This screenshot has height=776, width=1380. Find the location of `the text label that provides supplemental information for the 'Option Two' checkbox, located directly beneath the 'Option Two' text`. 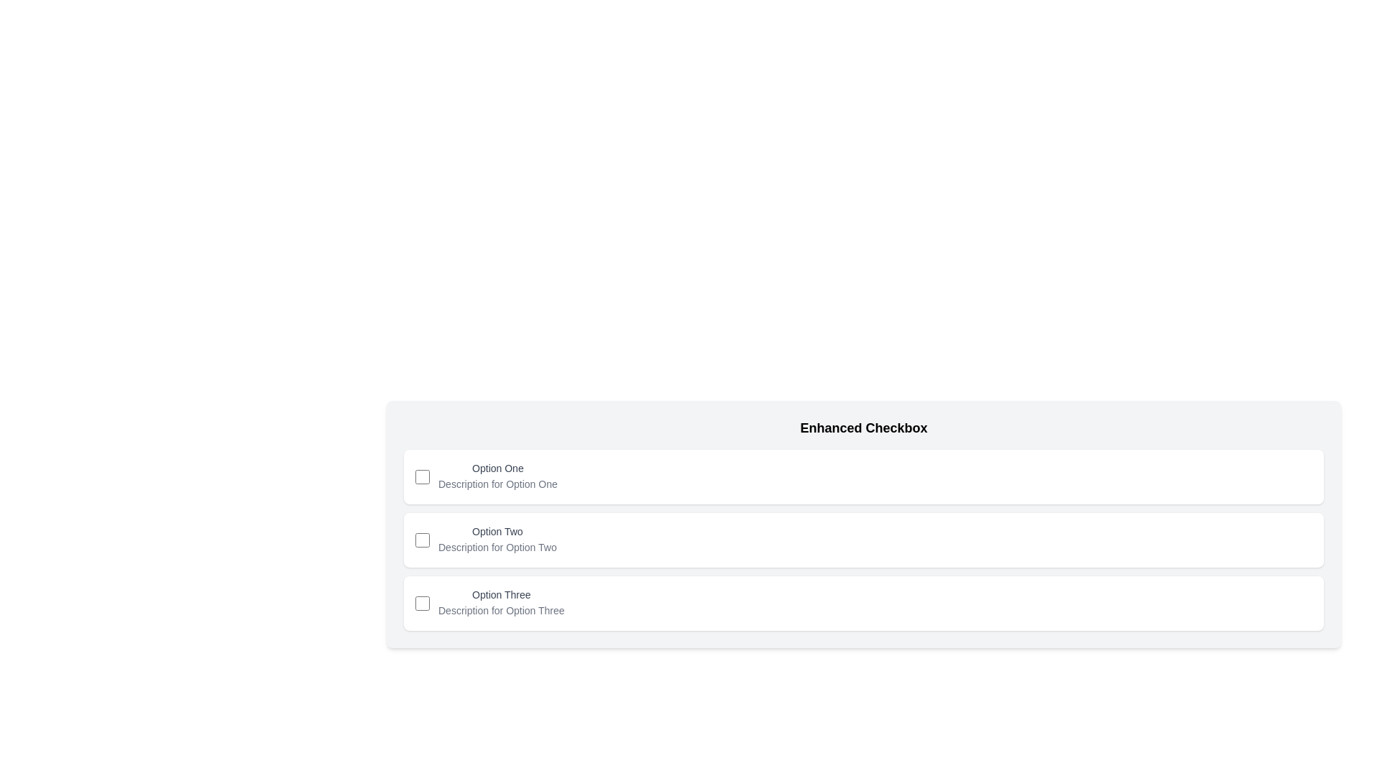

the text label that provides supplemental information for the 'Option Two' checkbox, located directly beneath the 'Option Two' text is located at coordinates (497, 548).